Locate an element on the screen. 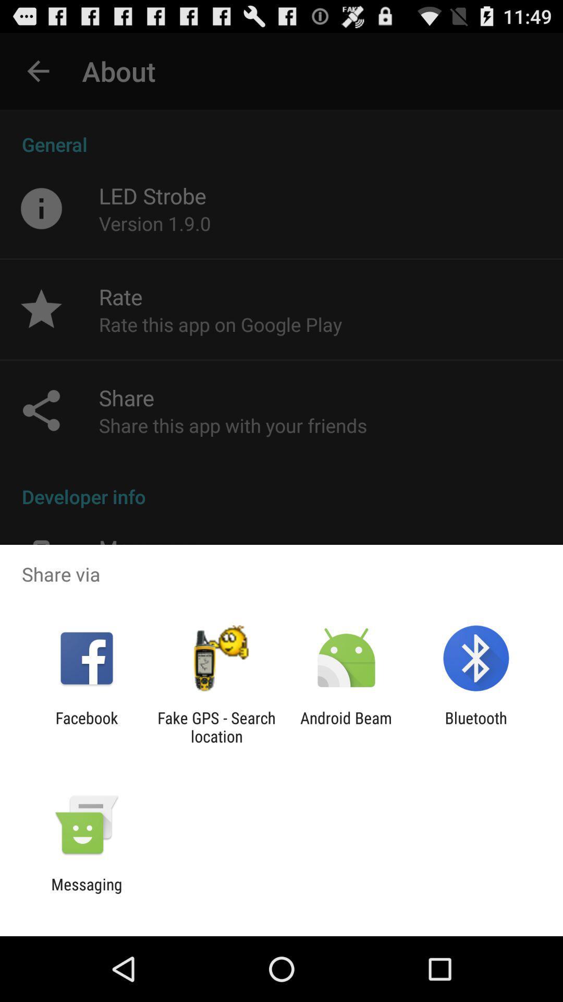  facebook item is located at coordinates (86, 726).